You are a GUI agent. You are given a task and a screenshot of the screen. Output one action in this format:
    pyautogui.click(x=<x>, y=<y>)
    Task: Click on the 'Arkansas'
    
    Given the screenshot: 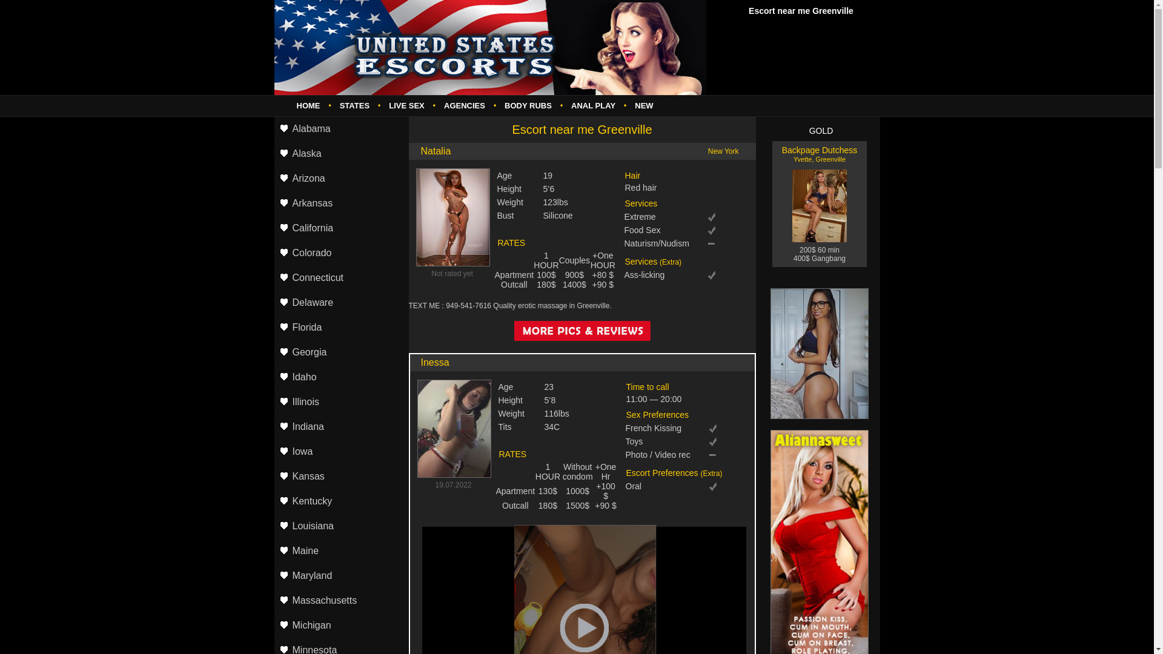 What is the action you would take?
    pyautogui.click(x=339, y=203)
    